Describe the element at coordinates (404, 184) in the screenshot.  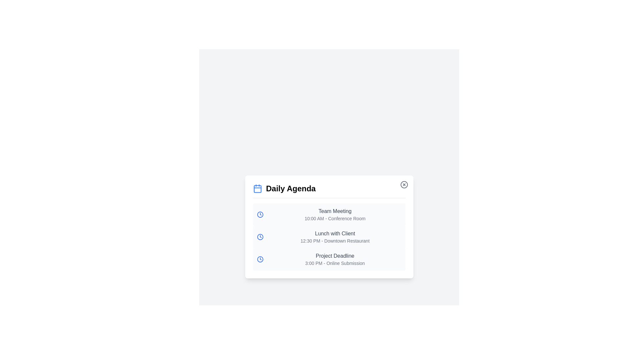
I see `the close button to close the dialog` at that location.